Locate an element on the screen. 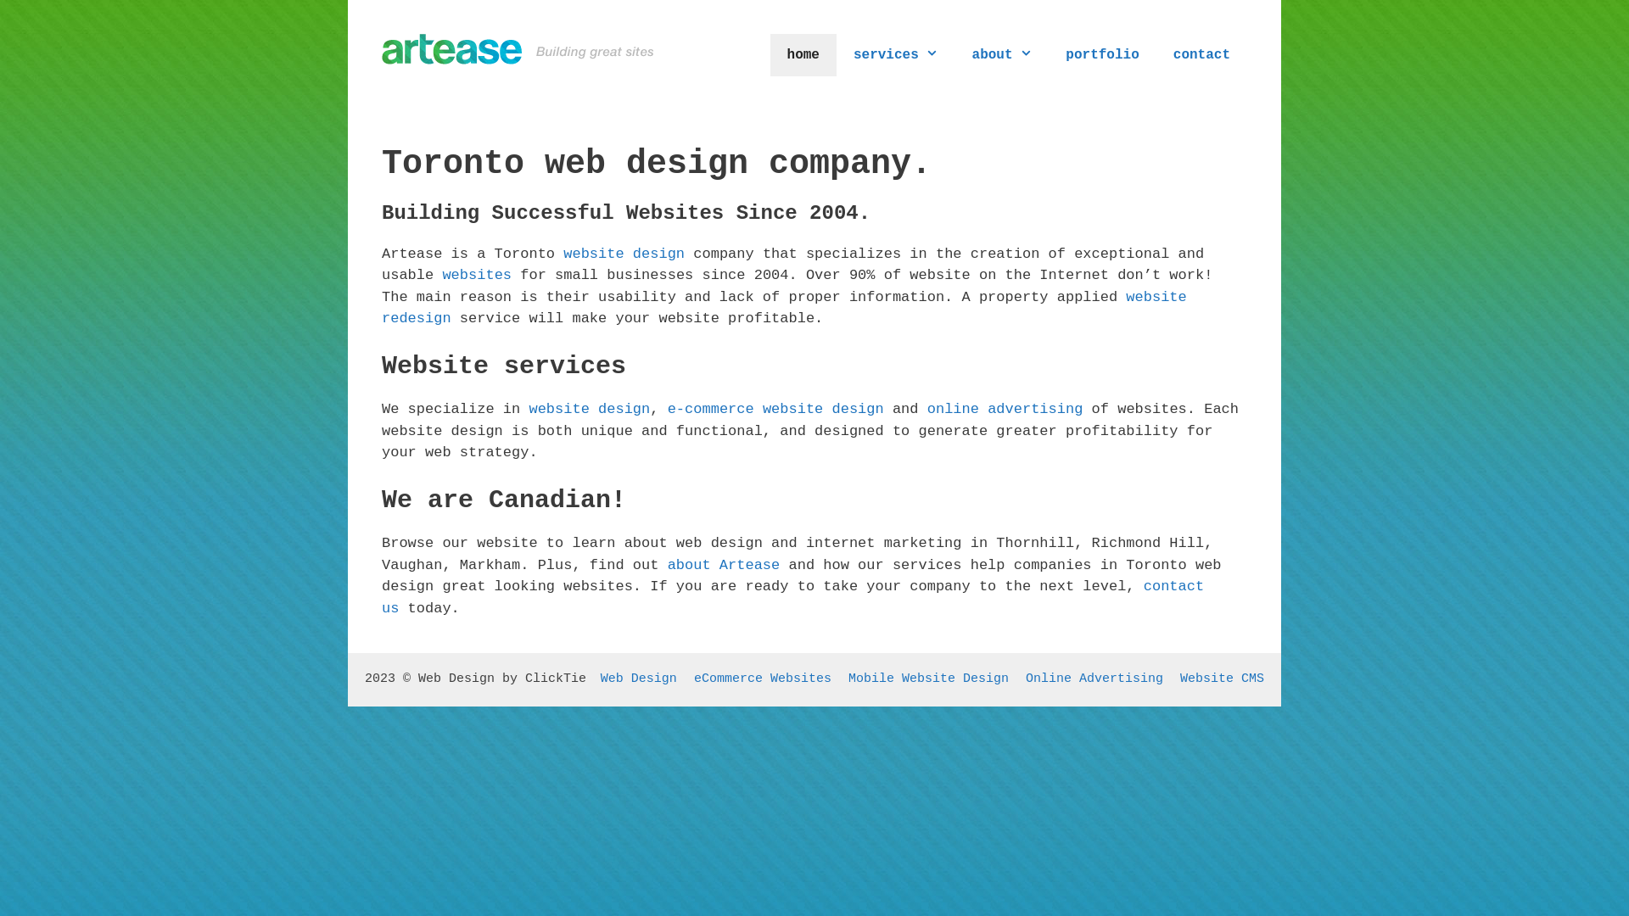  'online advertising' is located at coordinates (1005, 409).